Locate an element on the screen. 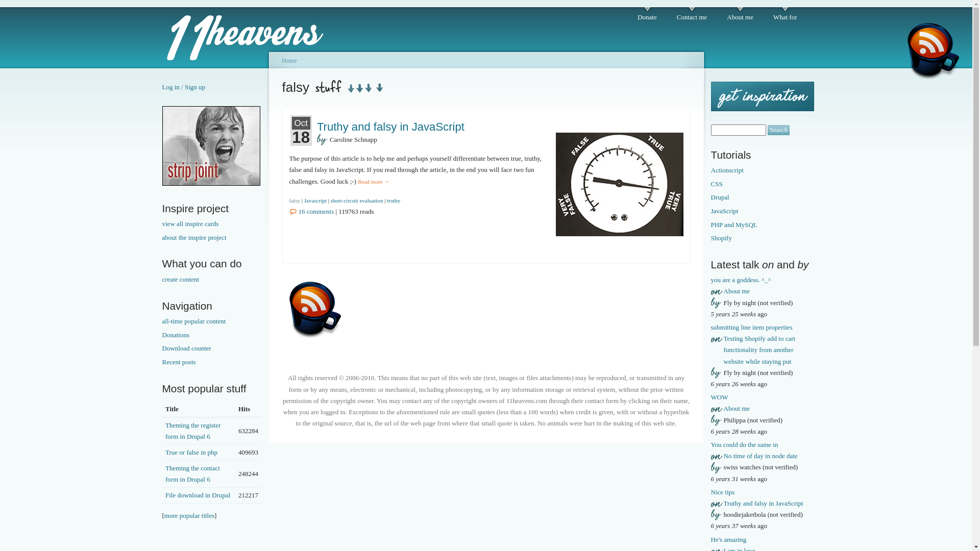  'Feed' is located at coordinates (933, 49).